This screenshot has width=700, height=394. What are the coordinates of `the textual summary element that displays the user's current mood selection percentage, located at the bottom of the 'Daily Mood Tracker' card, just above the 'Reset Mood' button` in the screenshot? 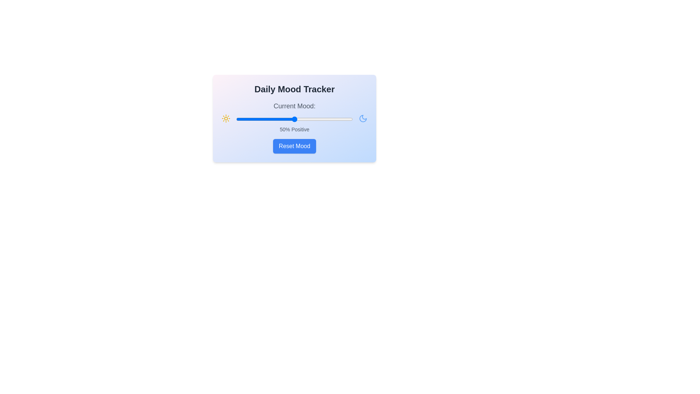 It's located at (294, 129).